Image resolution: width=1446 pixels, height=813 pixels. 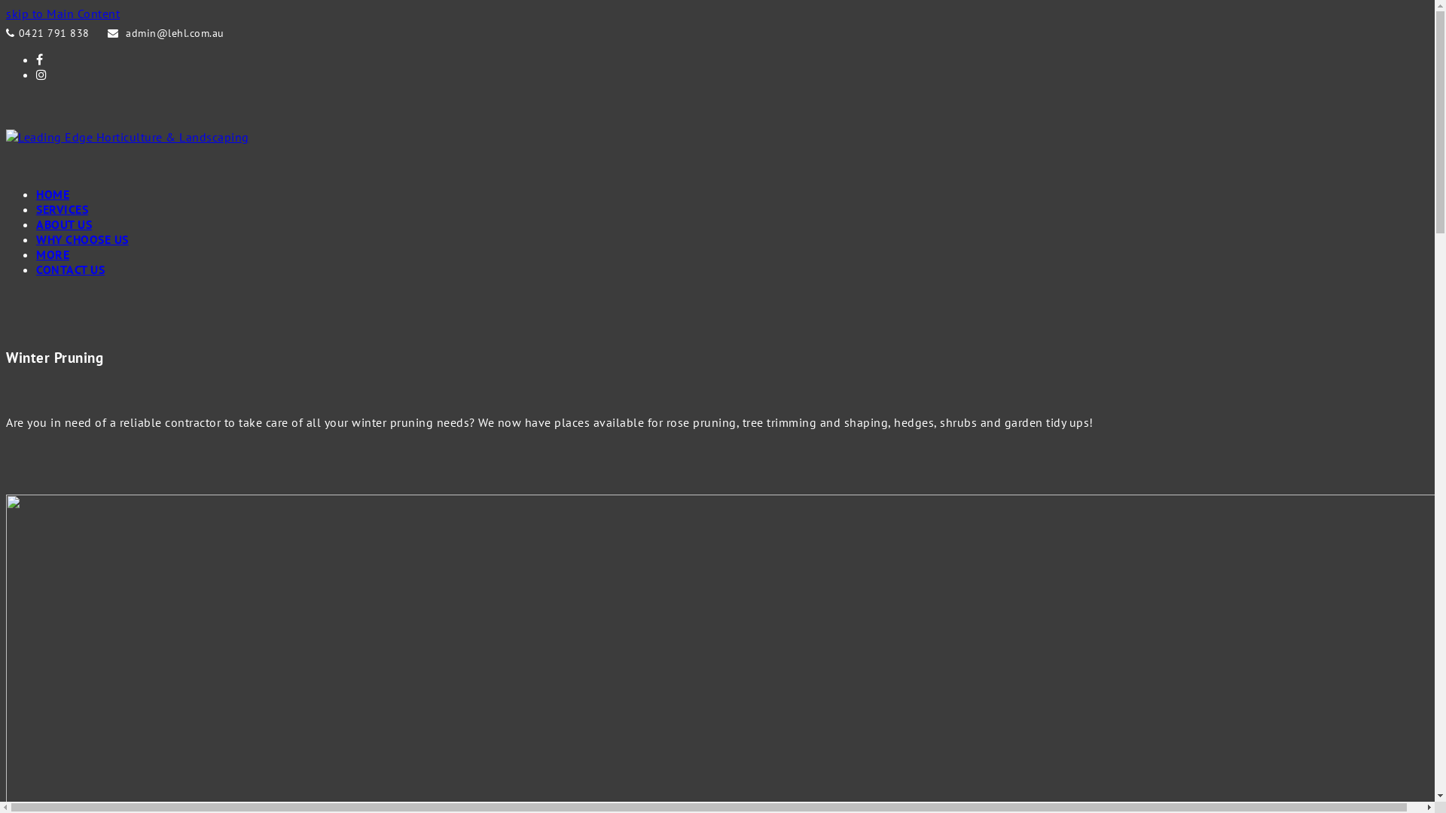 I want to click on 'skip to Main Content', so click(x=62, y=14).